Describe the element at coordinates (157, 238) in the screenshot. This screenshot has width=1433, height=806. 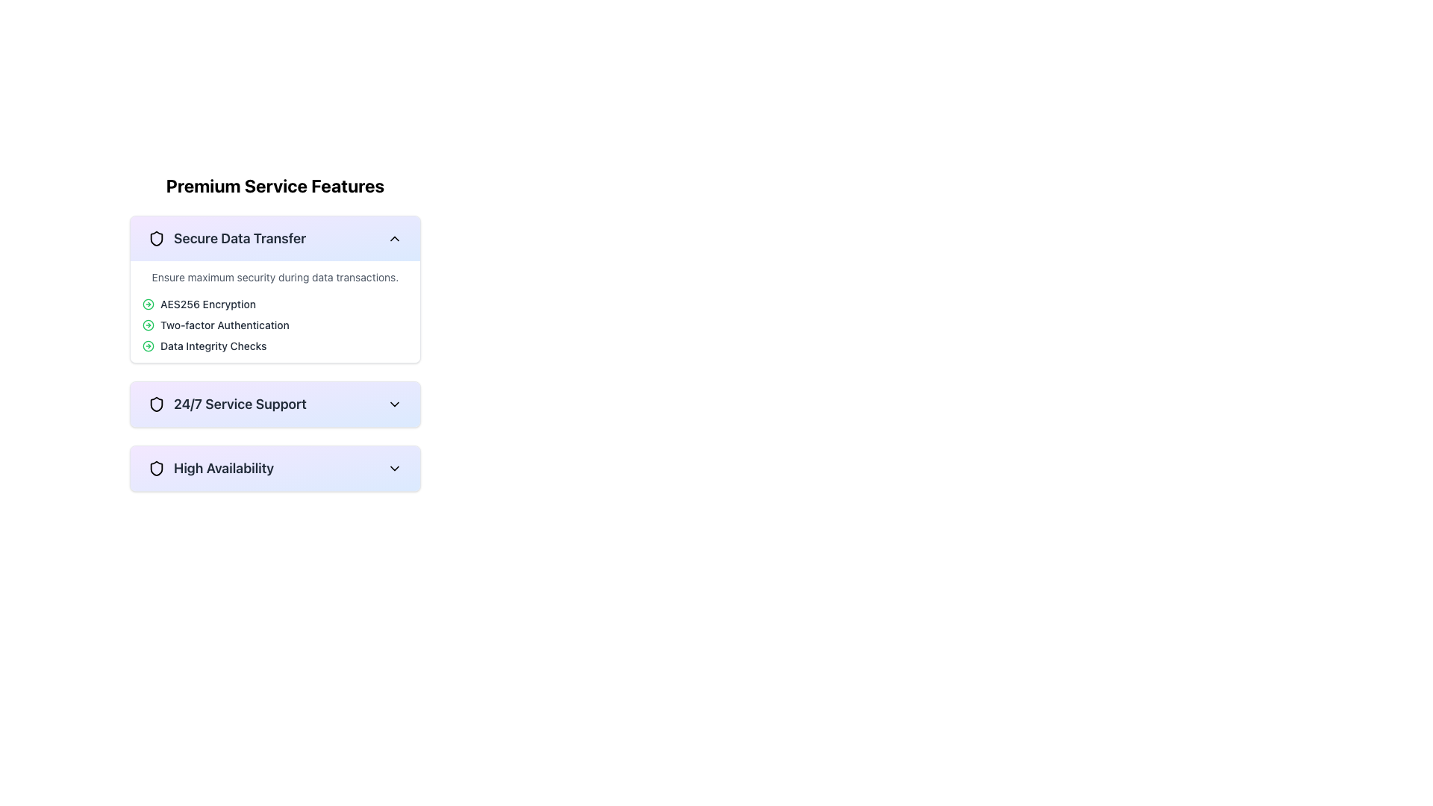
I see `the security icon located` at that location.